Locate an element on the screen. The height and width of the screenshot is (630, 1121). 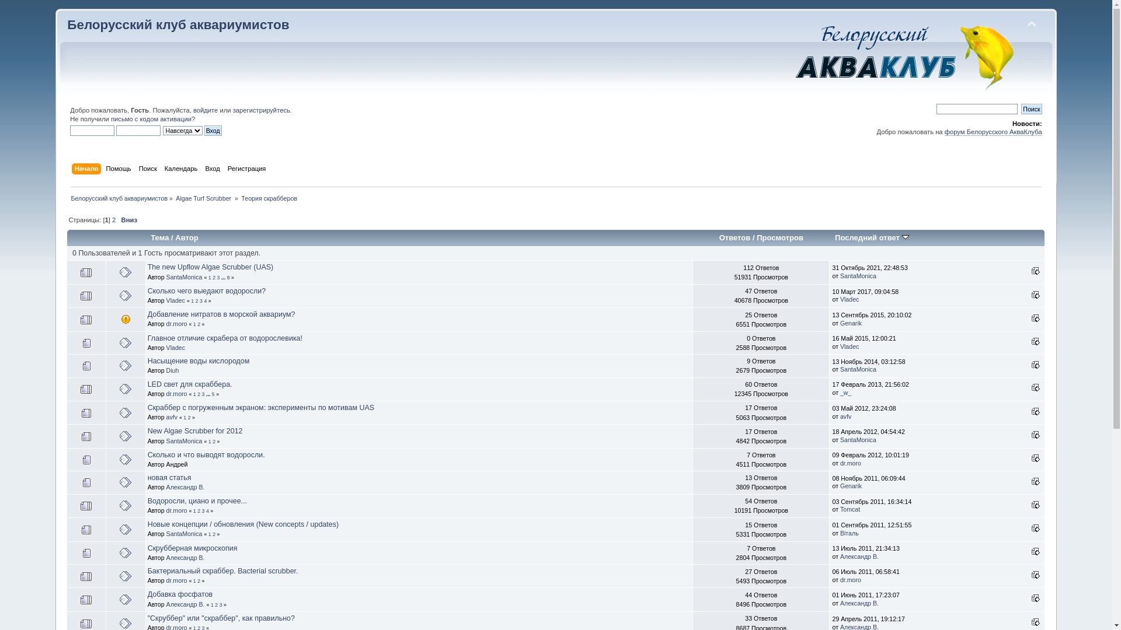
'dr.moro' is located at coordinates (176, 510).